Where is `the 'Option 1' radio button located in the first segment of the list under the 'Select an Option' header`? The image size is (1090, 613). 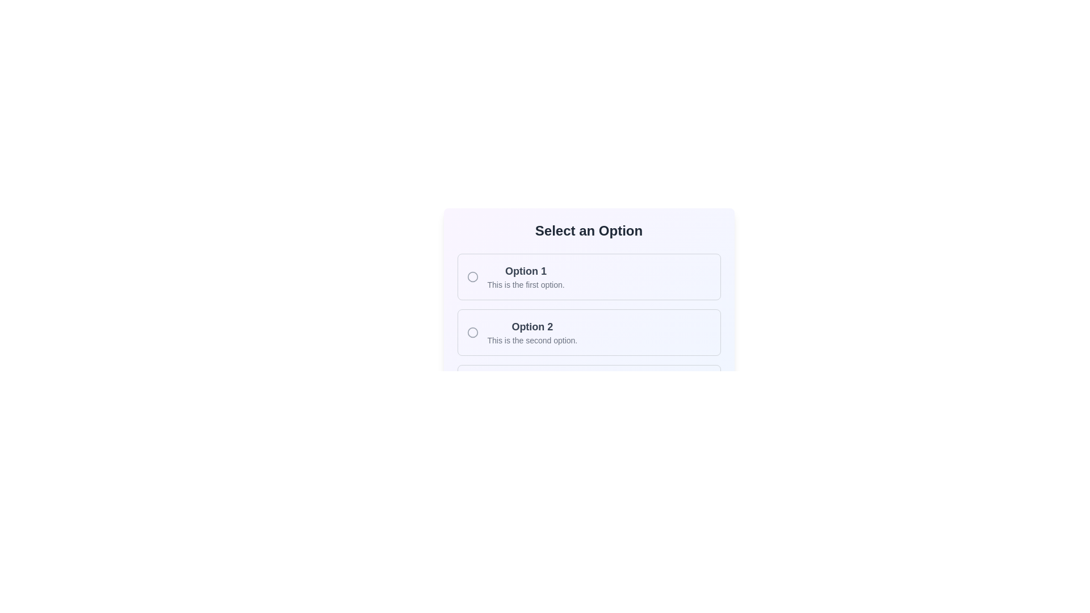 the 'Option 1' radio button located in the first segment of the list under the 'Select an Option' header is located at coordinates (525, 277).